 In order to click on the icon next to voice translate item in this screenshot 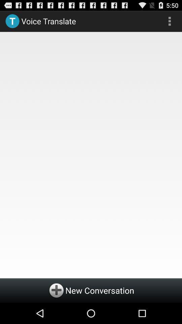, I will do `click(169, 21)`.